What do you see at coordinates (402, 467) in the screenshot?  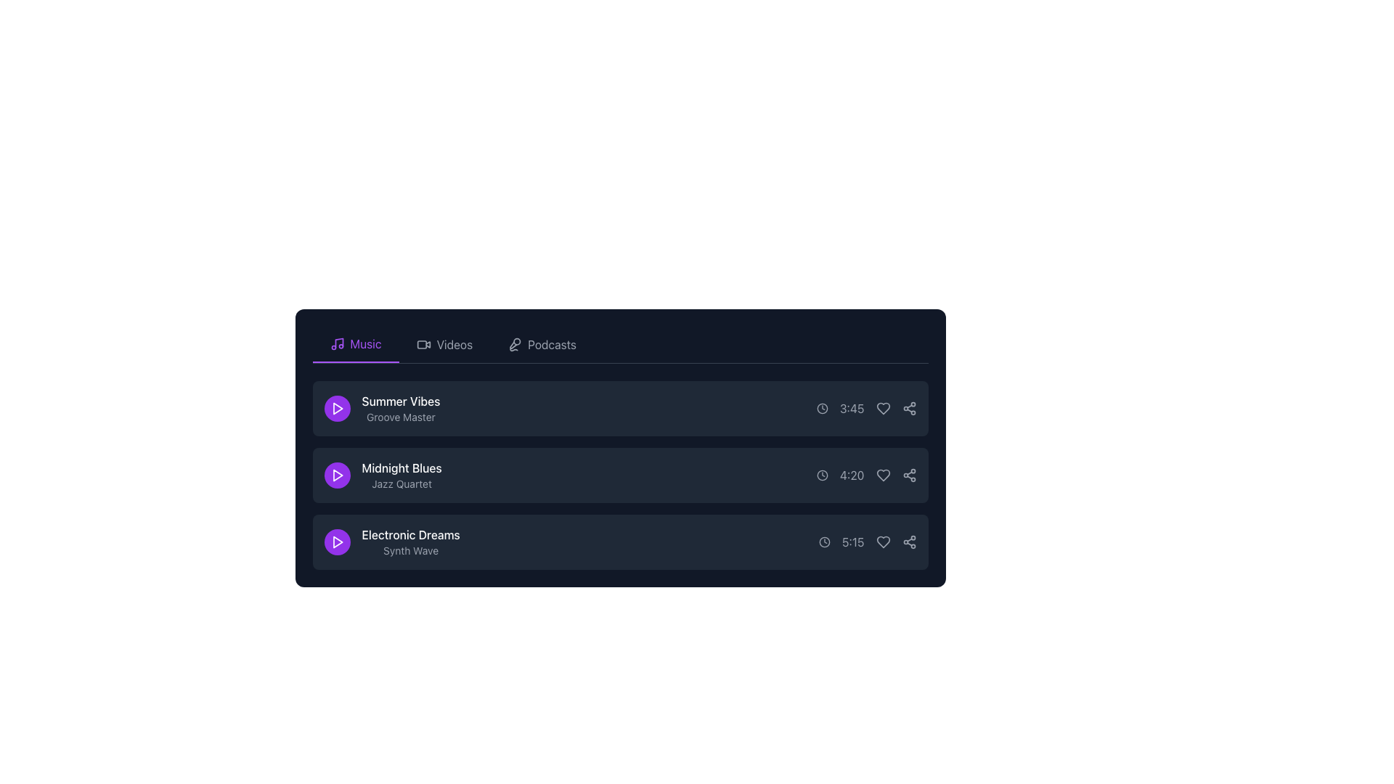 I see `the text label displaying the title of the music item, which is located in the second row of the list and provides the name of the track or album` at bounding box center [402, 467].